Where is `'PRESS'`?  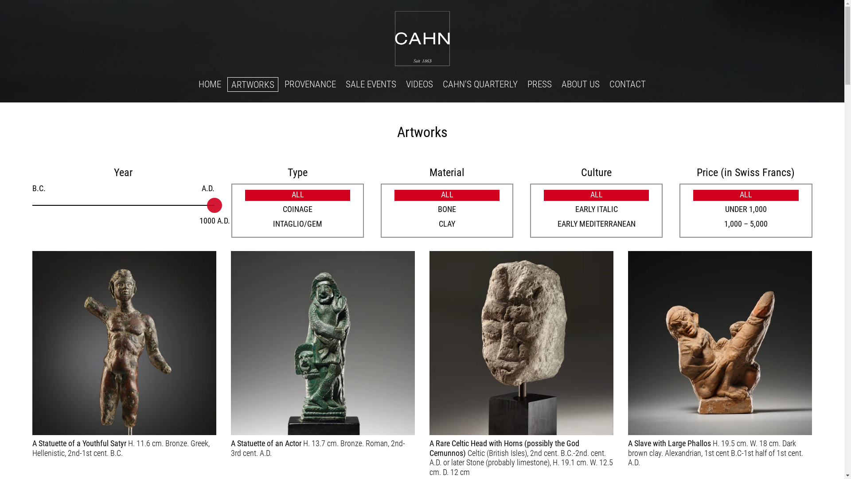
'PRESS' is located at coordinates (539, 84).